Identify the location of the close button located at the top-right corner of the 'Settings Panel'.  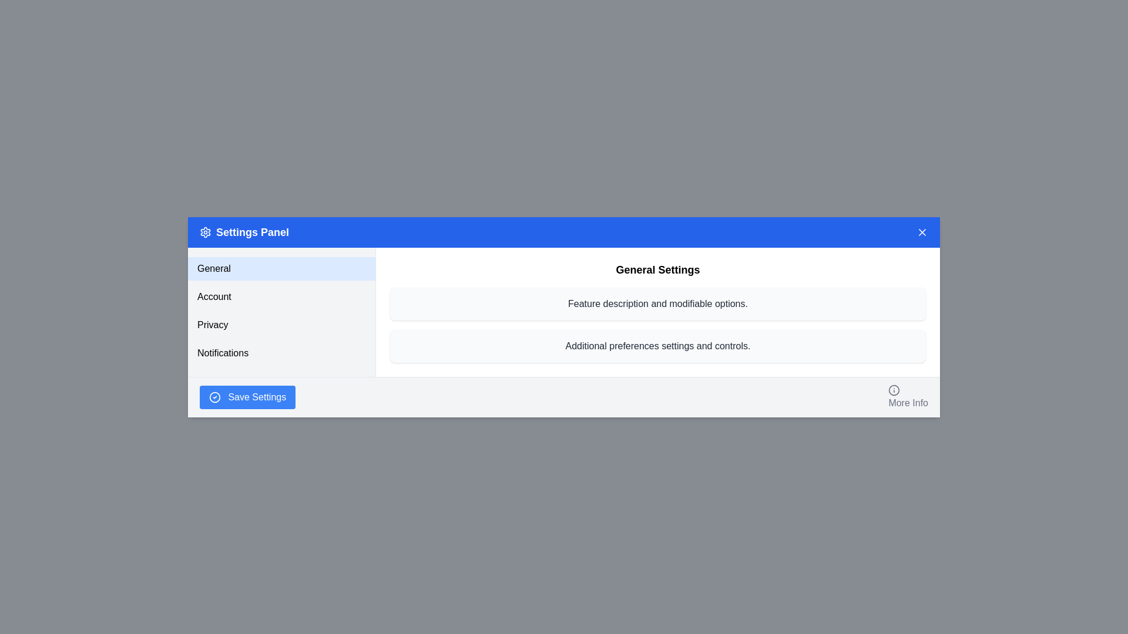
(921, 232).